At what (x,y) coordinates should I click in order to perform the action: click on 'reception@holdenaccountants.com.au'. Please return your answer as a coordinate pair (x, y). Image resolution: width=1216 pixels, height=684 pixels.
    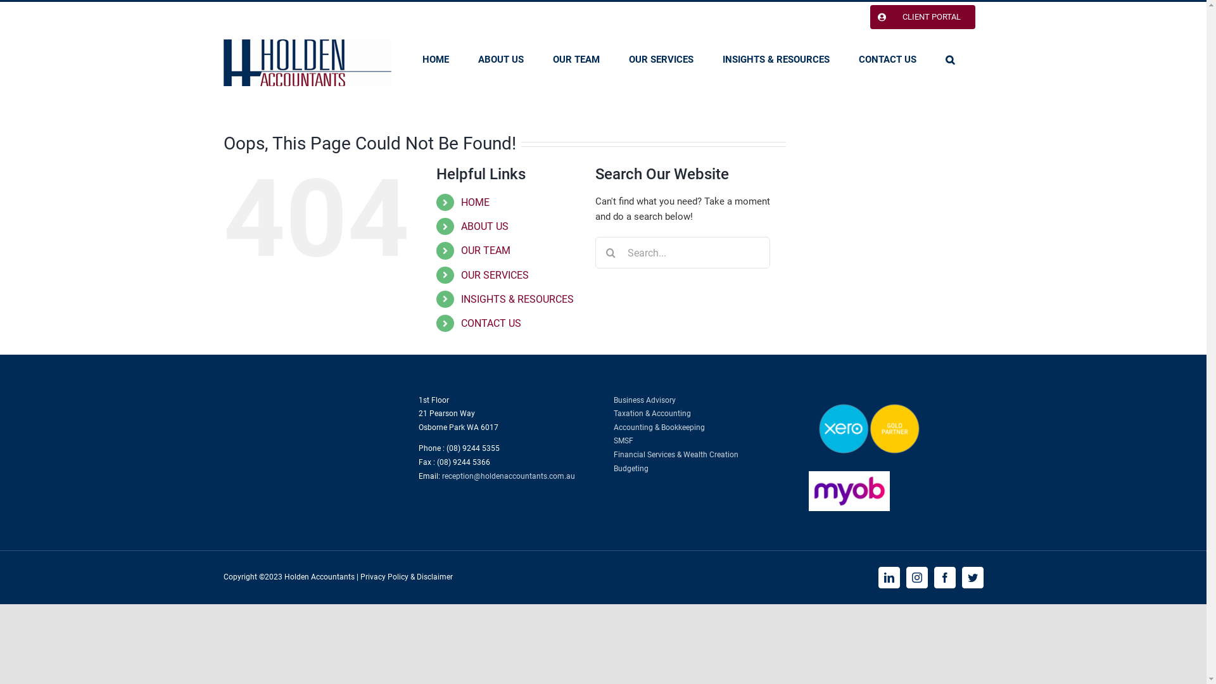
    Looking at the image, I should click on (508, 476).